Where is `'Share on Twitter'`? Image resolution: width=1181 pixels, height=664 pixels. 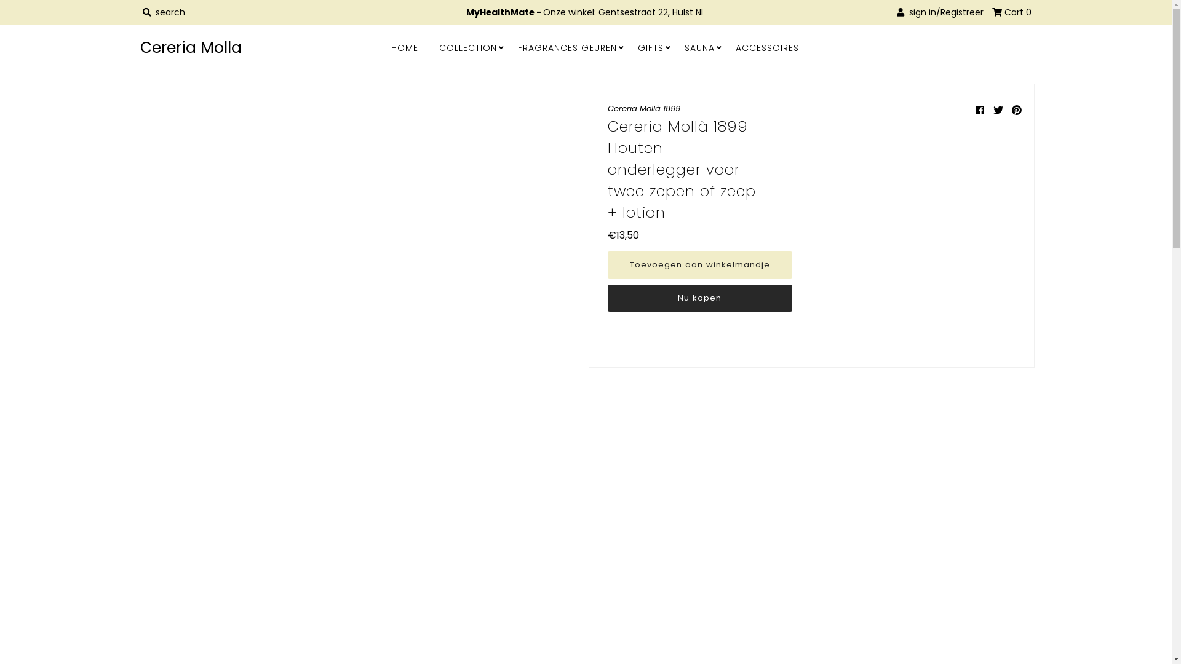
'Share on Twitter' is located at coordinates (993, 109).